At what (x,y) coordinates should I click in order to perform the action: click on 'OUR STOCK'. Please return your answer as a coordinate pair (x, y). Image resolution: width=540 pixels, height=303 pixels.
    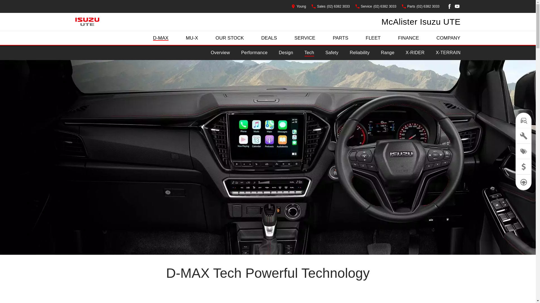
    Looking at the image, I should click on (229, 38).